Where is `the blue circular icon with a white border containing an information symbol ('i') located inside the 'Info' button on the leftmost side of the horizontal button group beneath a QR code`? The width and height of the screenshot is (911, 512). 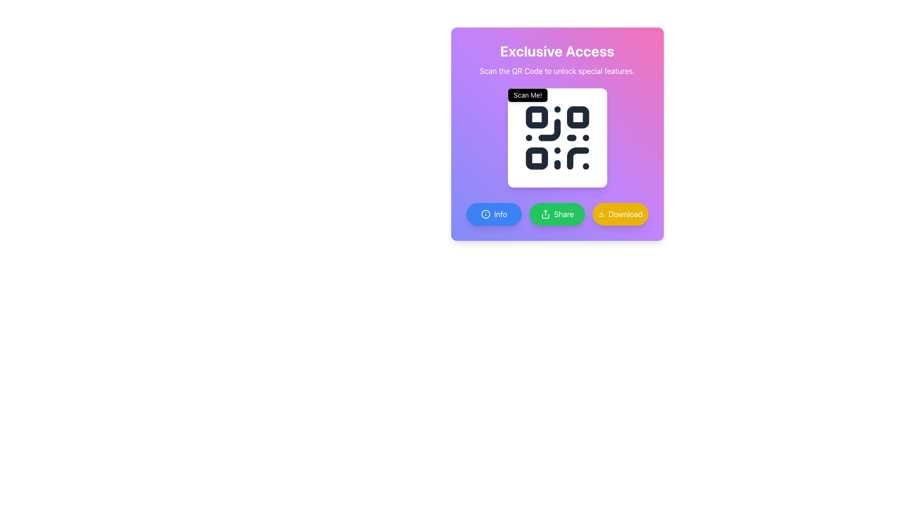 the blue circular icon with a white border containing an information symbol ('i') located inside the 'Info' button on the leftmost side of the horizontal button group beneath a QR code is located at coordinates (485, 214).